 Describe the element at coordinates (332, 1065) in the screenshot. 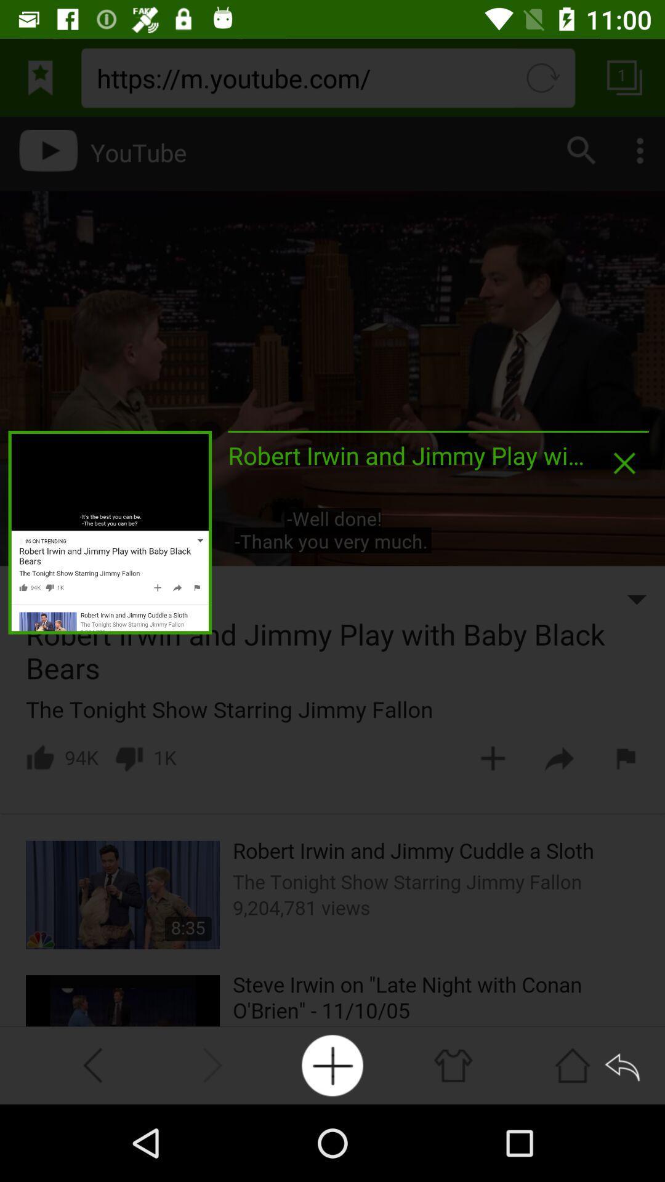

I see `icon at the bottom` at that location.